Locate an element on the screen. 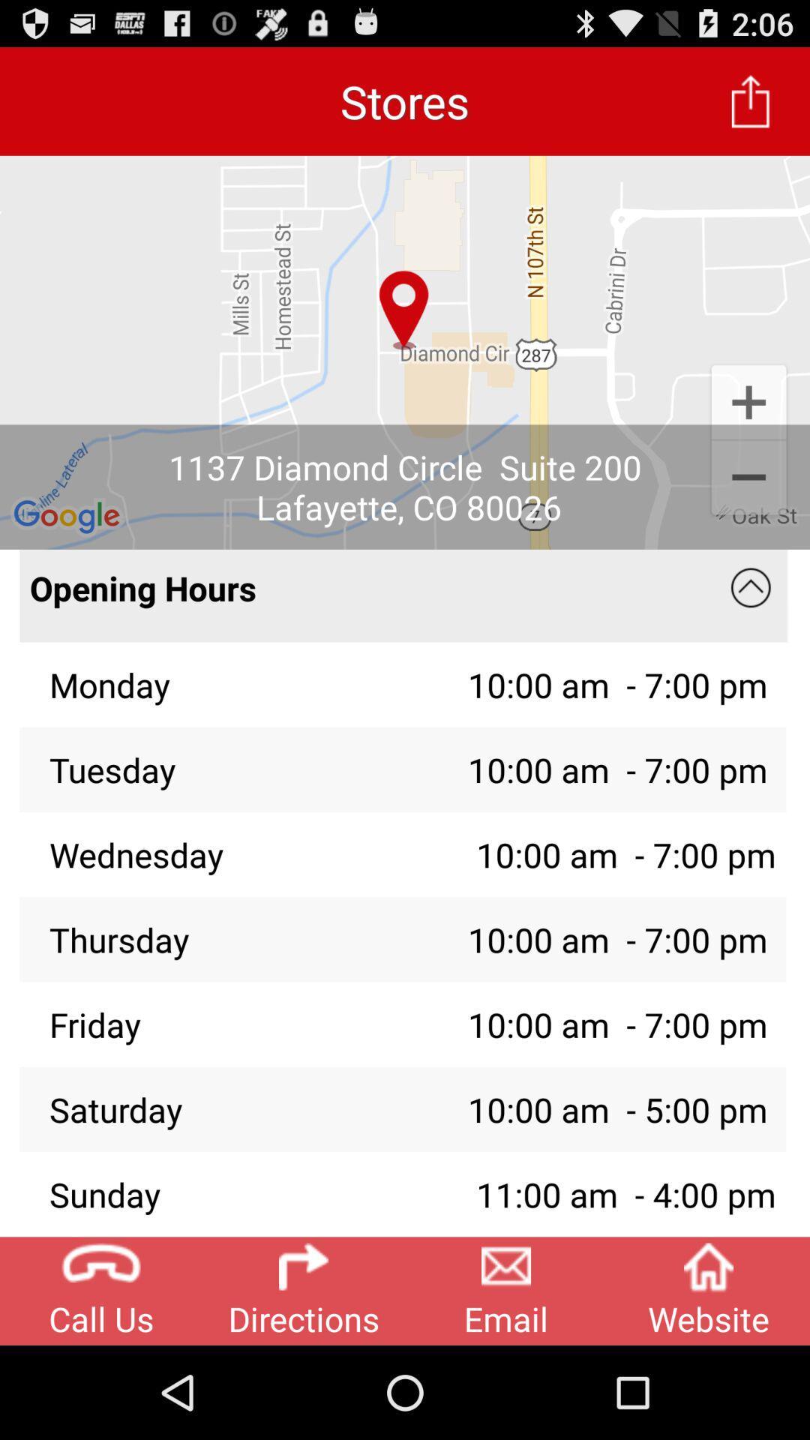 Image resolution: width=810 pixels, height=1440 pixels. app next to the stores item is located at coordinates (751, 100).